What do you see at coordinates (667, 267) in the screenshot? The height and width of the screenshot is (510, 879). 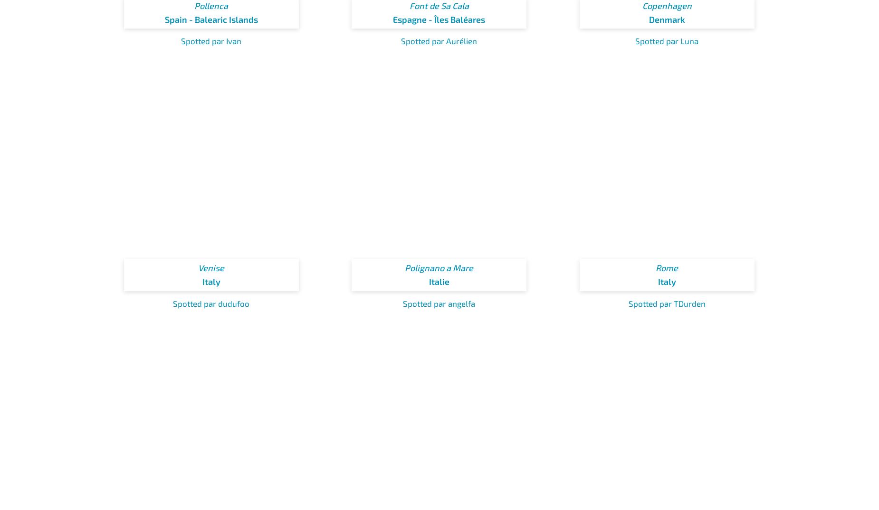 I see `'Rome'` at bounding box center [667, 267].